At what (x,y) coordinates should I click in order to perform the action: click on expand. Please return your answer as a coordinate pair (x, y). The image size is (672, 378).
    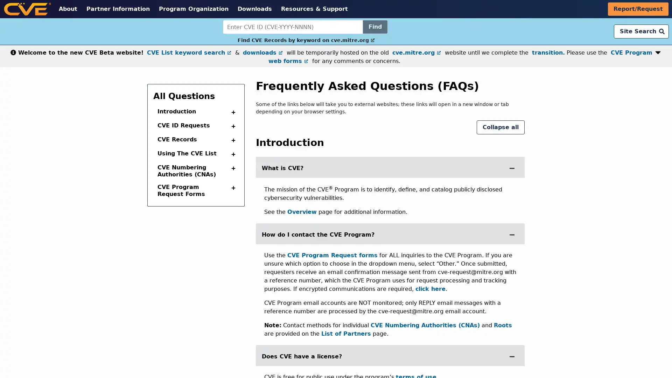
    Looking at the image, I should click on (512, 168).